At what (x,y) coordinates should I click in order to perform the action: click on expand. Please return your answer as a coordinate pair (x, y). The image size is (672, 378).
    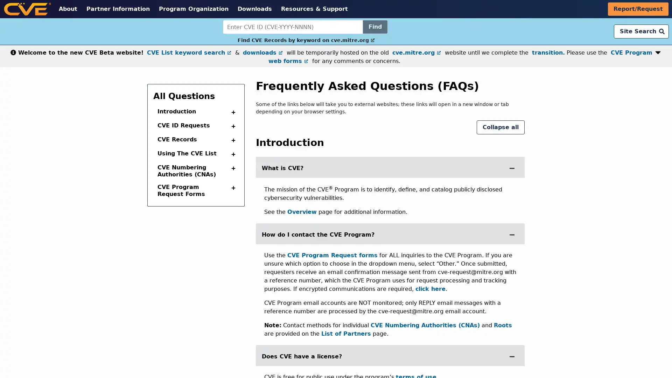
    Looking at the image, I should click on (512, 168).